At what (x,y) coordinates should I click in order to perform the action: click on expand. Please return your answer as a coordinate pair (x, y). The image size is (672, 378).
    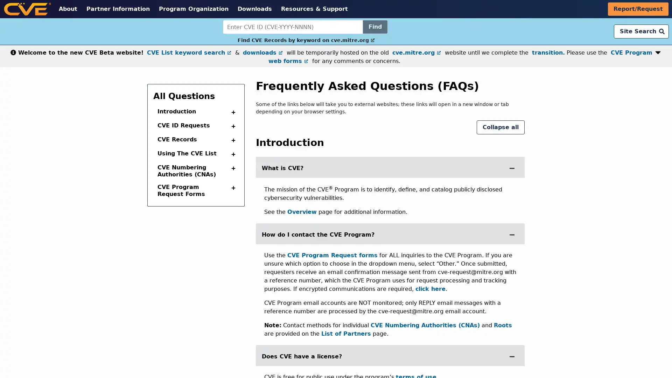
    Looking at the image, I should click on (512, 168).